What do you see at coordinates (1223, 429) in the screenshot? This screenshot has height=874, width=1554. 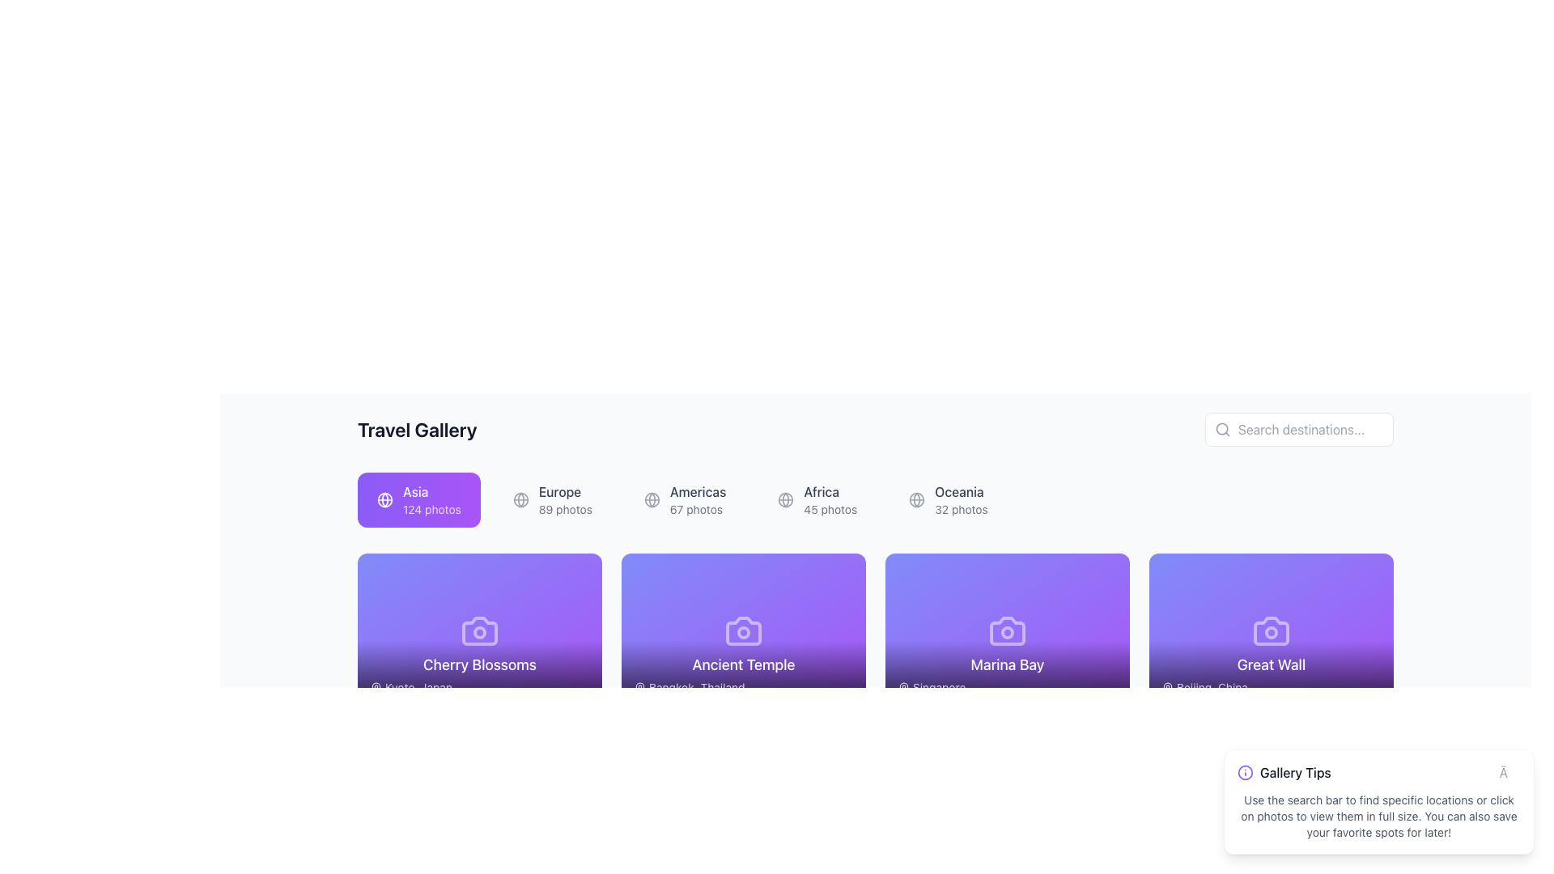 I see `the search icon represented as a magnifying glass located in the top-right corner of the search bar, which serves as a visual cue for search functionality` at bounding box center [1223, 429].